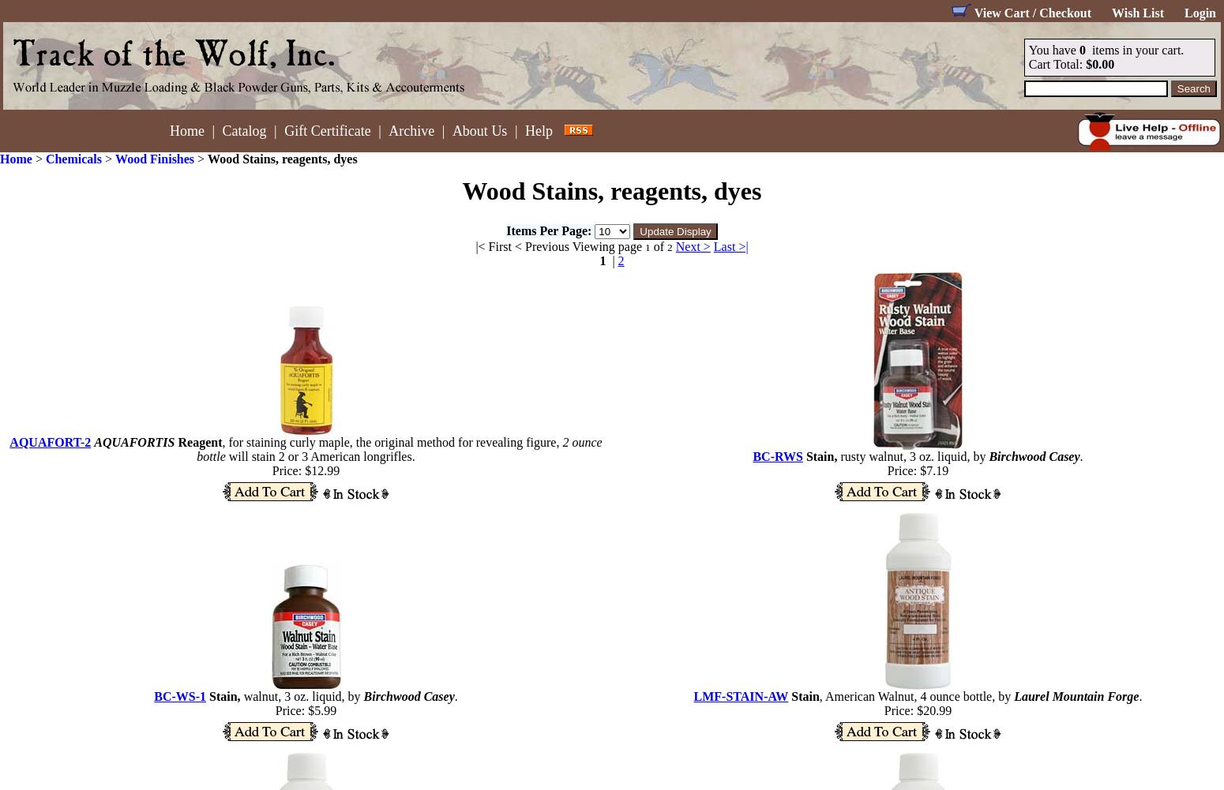 This screenshot has width=1224, height=790. Describe the element at coordinates (1200, 13) in the screenshot. I see `'Login'` at that location.